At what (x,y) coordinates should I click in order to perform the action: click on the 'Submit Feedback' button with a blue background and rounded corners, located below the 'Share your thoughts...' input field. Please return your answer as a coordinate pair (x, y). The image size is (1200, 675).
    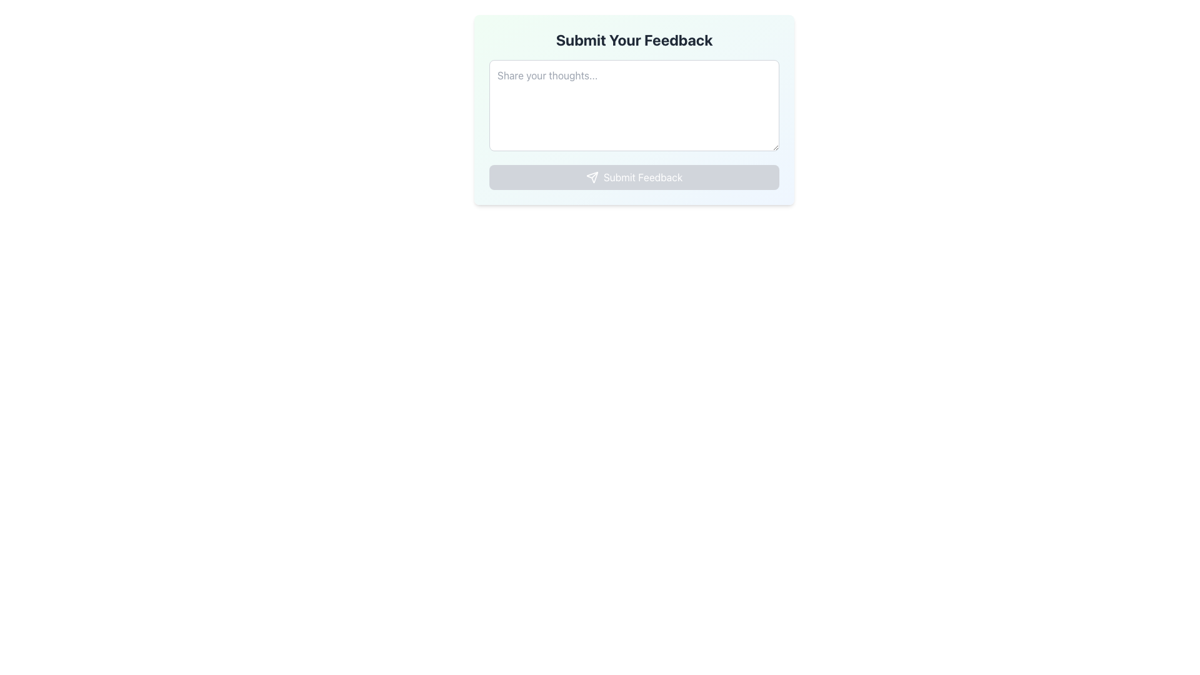
    Looking at the image, I should click on (634, 177).